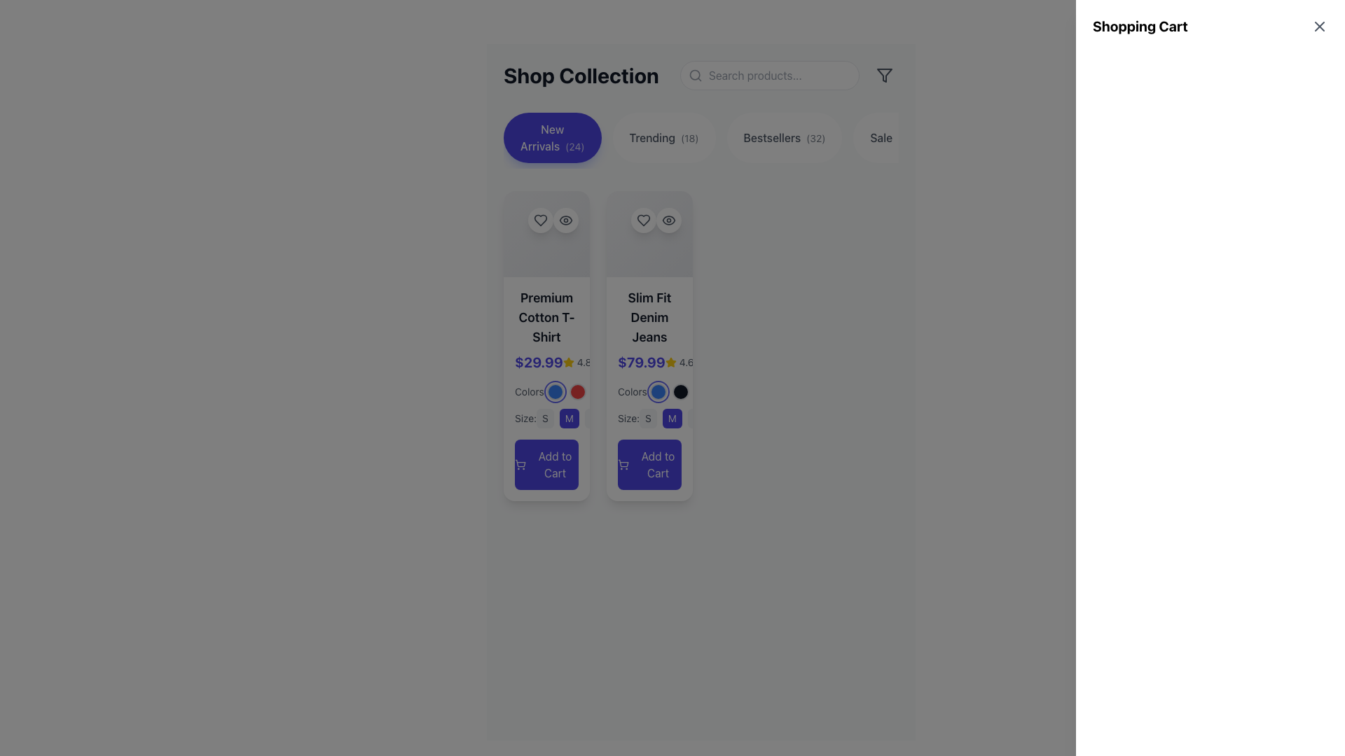  What do you see at coordinates (696, 76) in the screenshot?
I see `the search icon located to the left inside the search input box, which symbolizes the search functionality` at bounding box center [696, 76].